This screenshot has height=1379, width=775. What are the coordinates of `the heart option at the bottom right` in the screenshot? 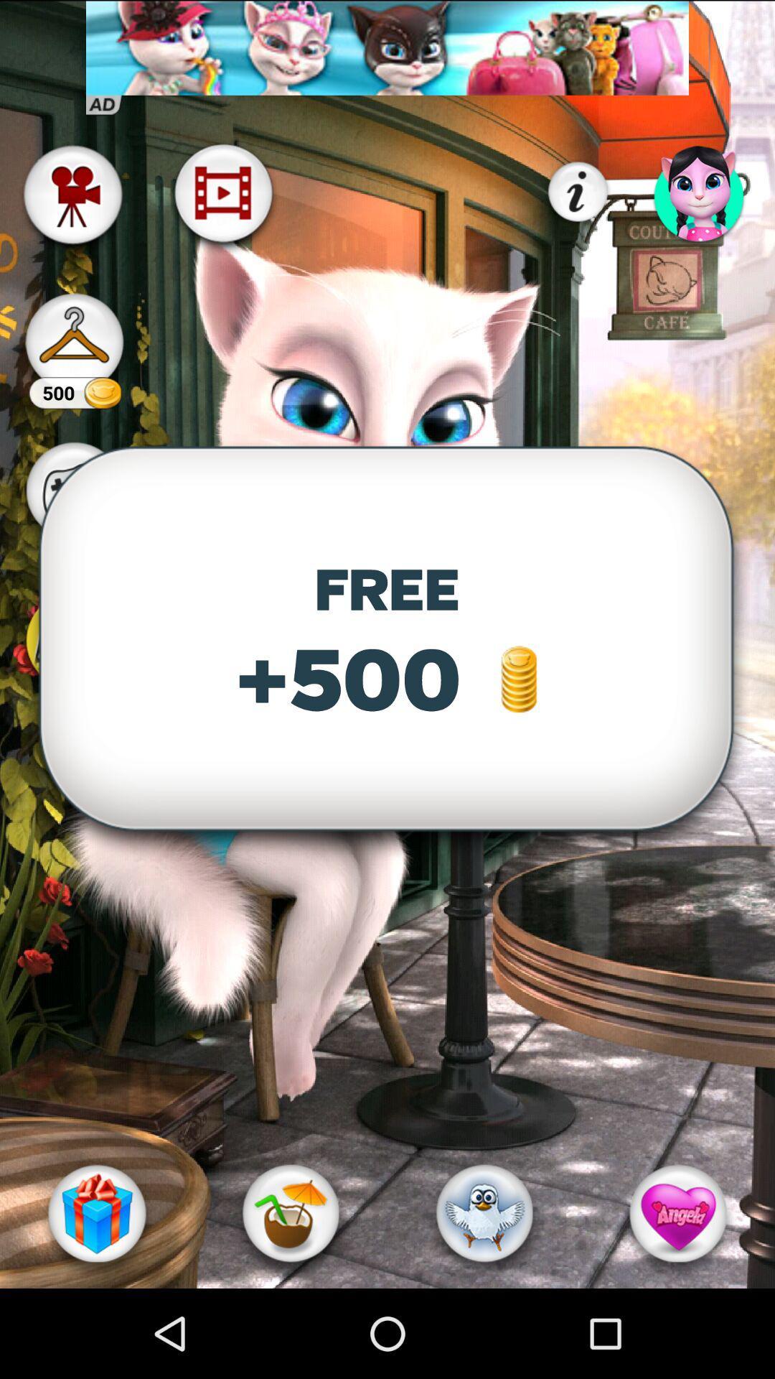 It's located at (678, 1212).